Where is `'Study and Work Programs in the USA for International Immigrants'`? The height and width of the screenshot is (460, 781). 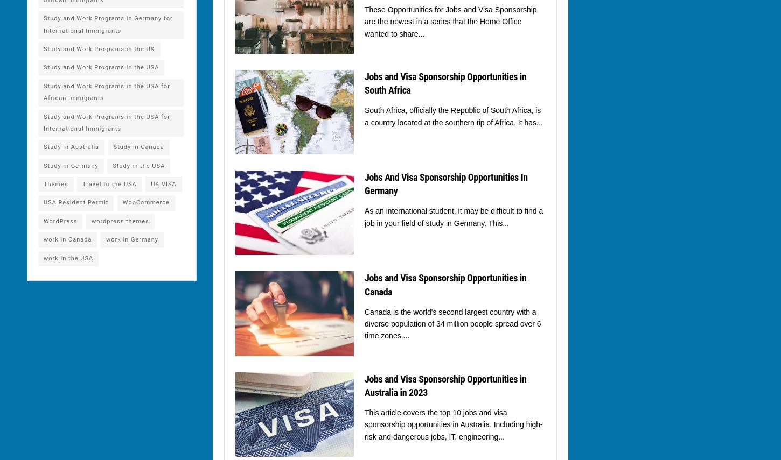 'Study and Work Programs in the USA for International Immigrants' is located at coordinates (106, 122).